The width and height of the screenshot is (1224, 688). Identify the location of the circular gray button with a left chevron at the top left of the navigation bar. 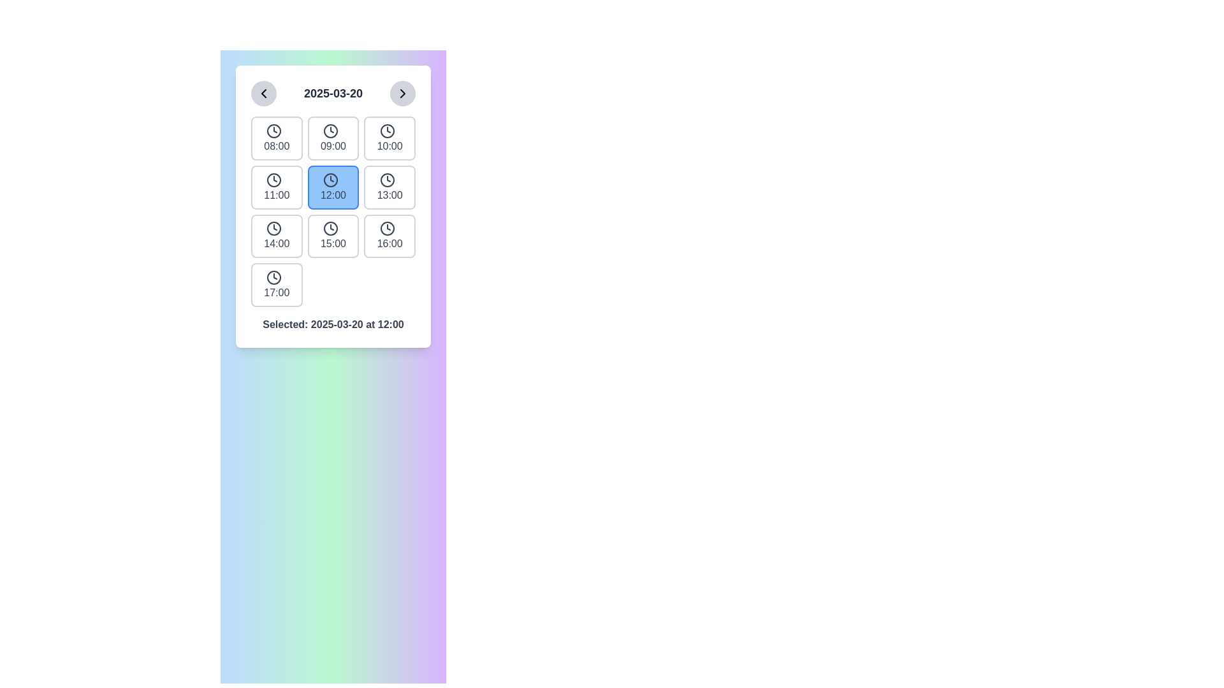
(263, 92).